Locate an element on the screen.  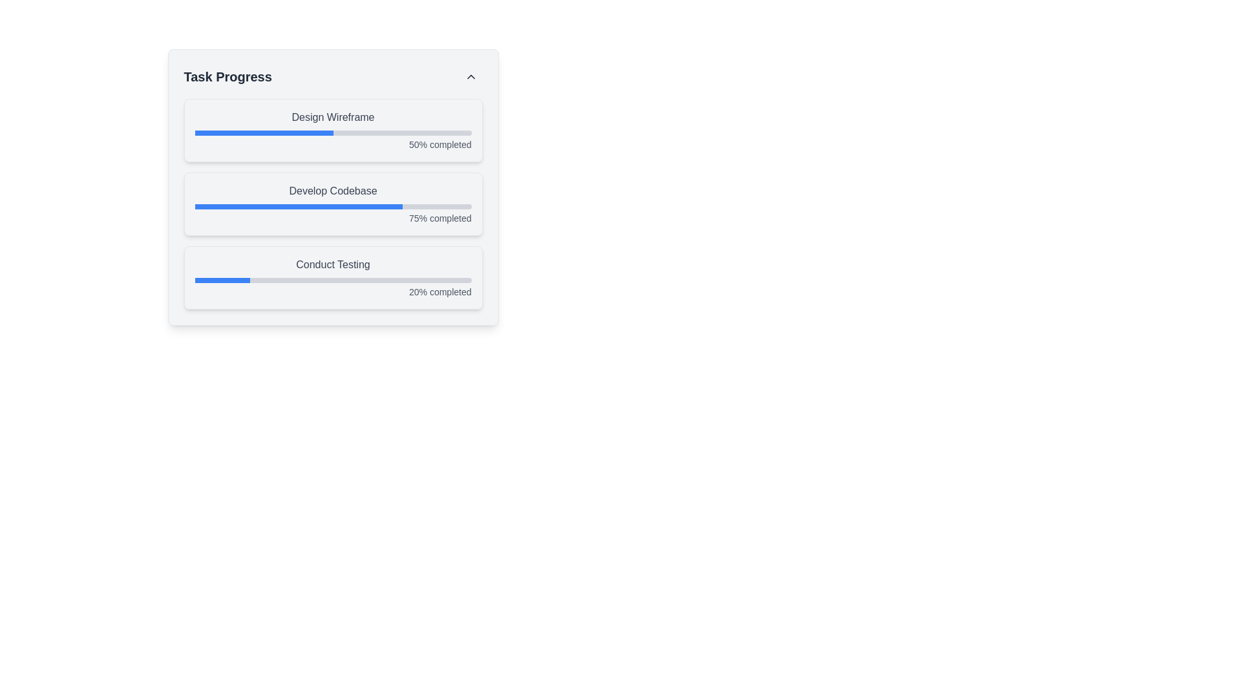
the blue progress bar segment within the 'Conduct Testing' progress indicator, which shows '20% completed' is located at coordinates (222, 280).